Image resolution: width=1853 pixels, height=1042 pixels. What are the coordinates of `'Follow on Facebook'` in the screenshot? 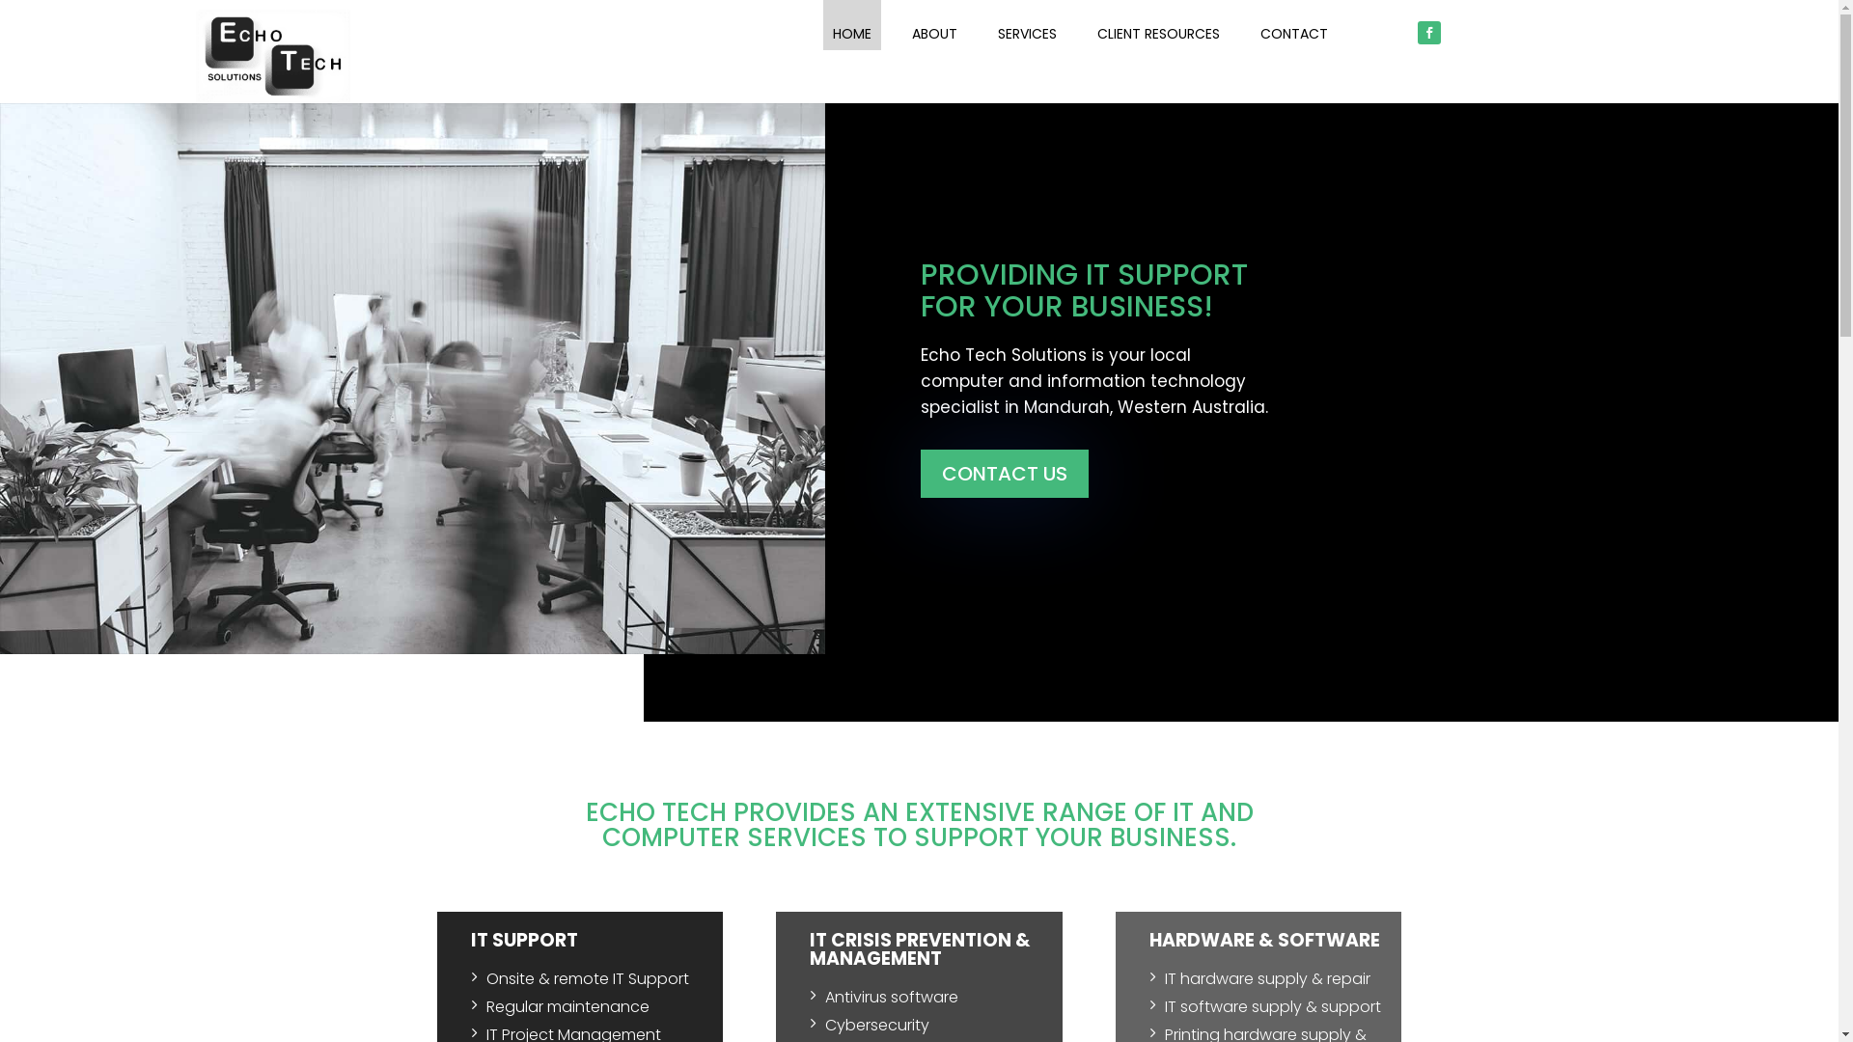 It's located at (1427, 33).